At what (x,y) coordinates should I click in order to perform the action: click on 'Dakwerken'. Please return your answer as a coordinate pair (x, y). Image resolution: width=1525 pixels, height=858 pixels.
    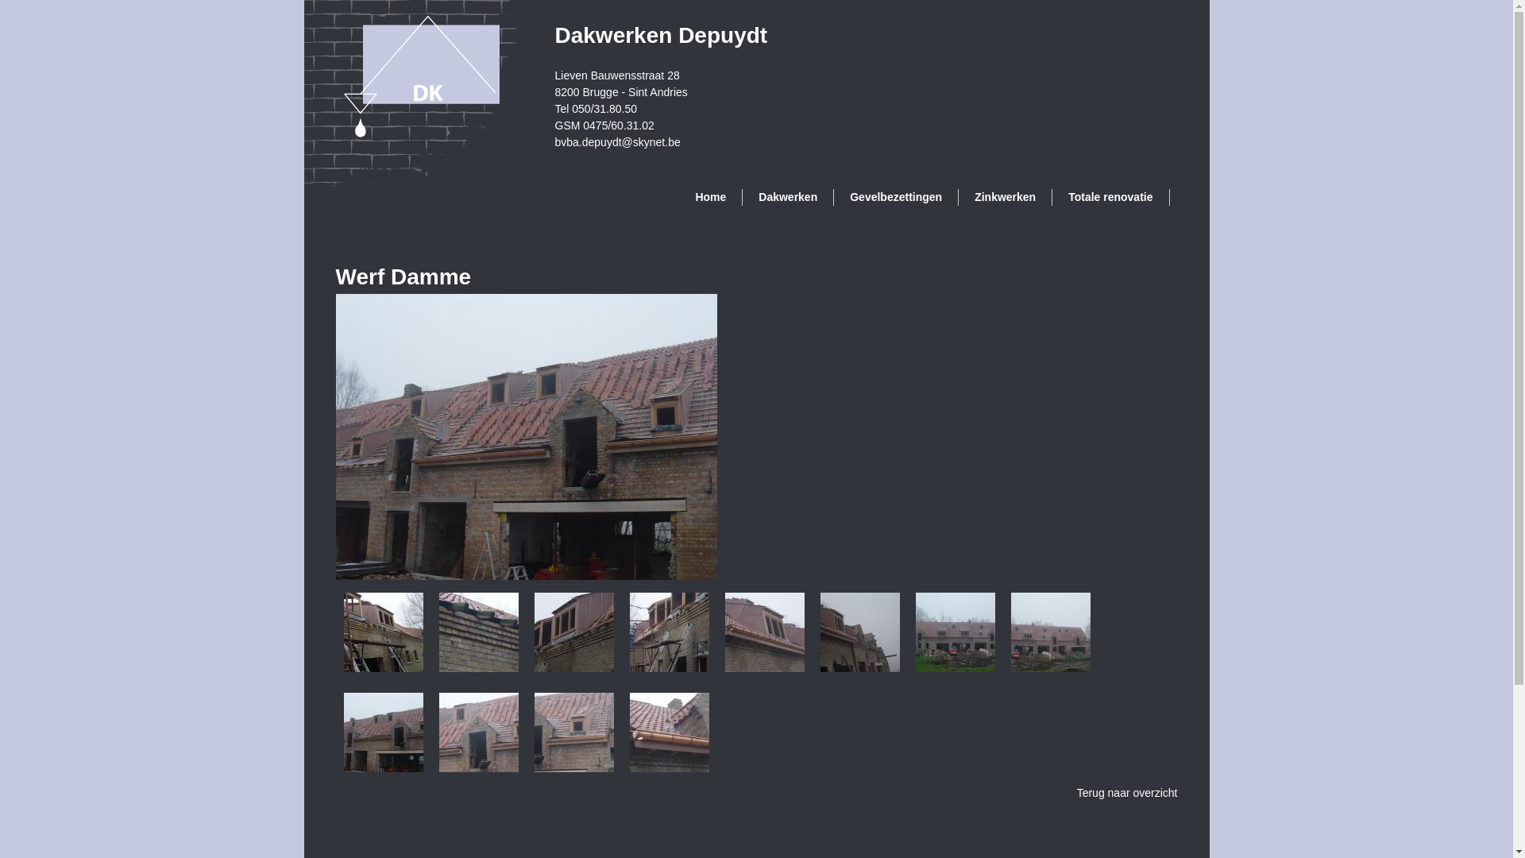
    Looking at the image, I should click on (788, 196).